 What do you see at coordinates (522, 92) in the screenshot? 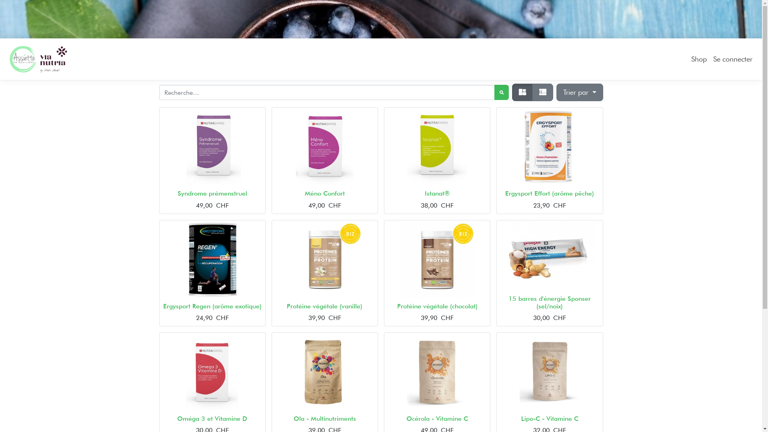
I see `'Tarifs'` at bounding box center [522, 92].